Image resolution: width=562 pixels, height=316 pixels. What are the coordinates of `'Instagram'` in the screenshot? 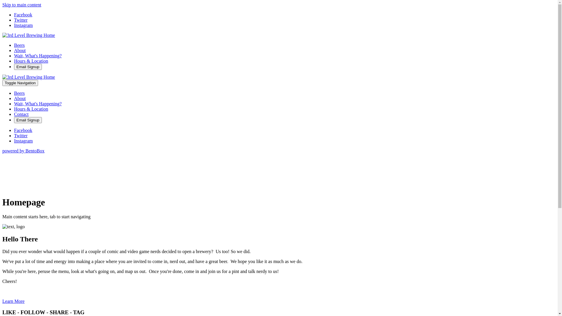 It's located at (23, 141).